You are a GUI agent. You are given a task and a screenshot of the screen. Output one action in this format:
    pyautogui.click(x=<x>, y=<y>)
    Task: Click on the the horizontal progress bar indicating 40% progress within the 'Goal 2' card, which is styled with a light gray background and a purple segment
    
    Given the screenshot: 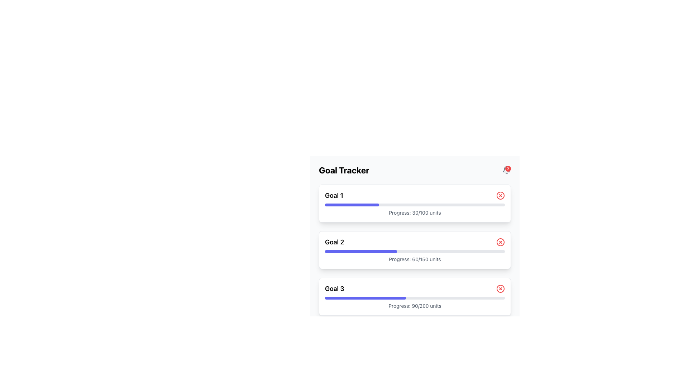 What is the action you would take?
    pyautogui.click(x=415, y=251)
    